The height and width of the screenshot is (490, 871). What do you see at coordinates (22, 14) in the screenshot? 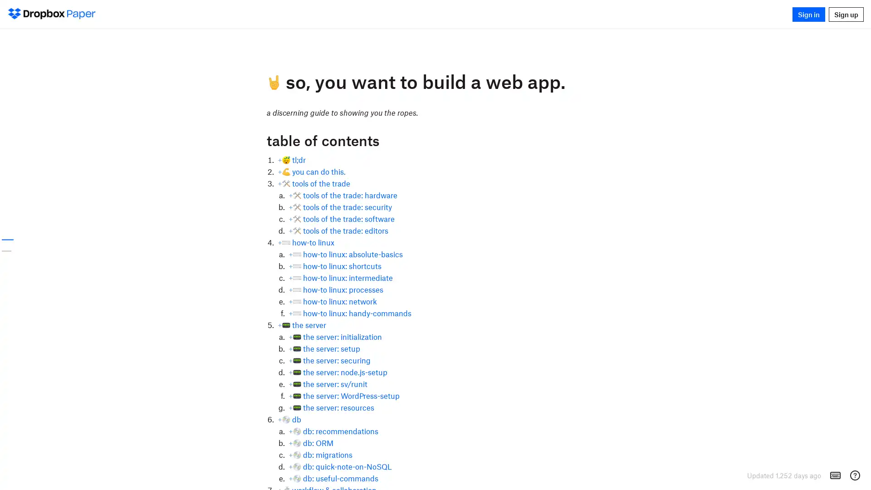
I see `Open folder view` at bounding box center [22, 14].